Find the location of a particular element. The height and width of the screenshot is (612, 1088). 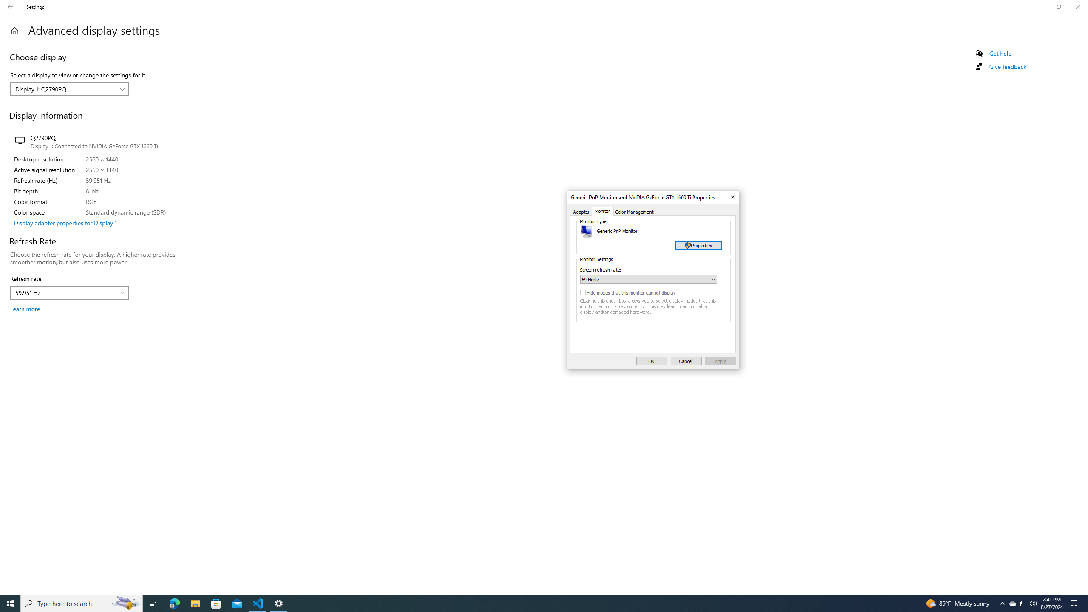

'Apply' is located at coordinates (720, 361).